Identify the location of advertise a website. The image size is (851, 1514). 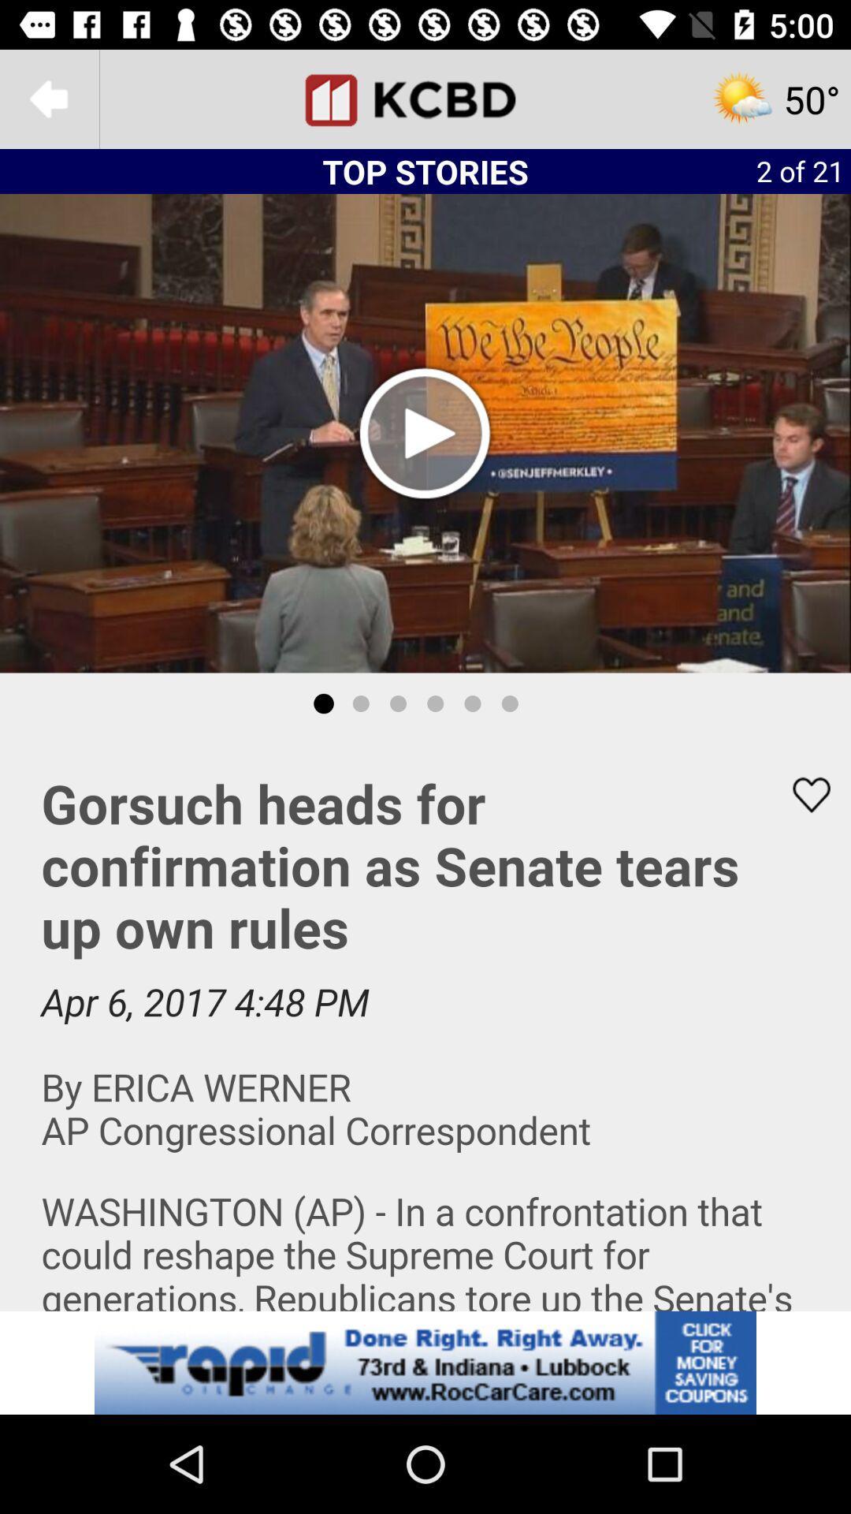
(425, 1362).